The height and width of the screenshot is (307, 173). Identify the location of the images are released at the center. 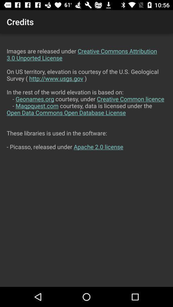
(86, 160).